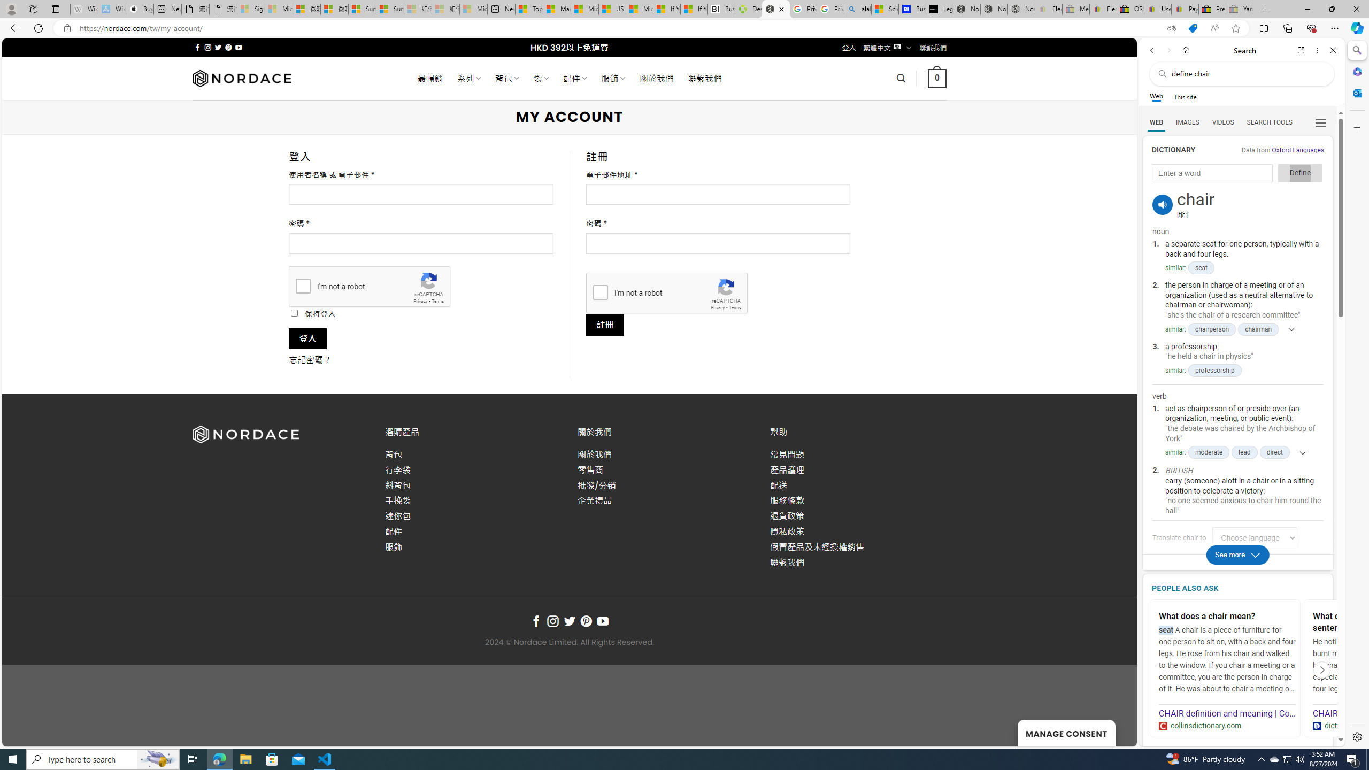 This screenshot has height=770, width=1369. What do you see at coordinates (1269, 122) in the screenshot?
I see `'SEARCH TOOLS'` at bounding box center [1269, 122].